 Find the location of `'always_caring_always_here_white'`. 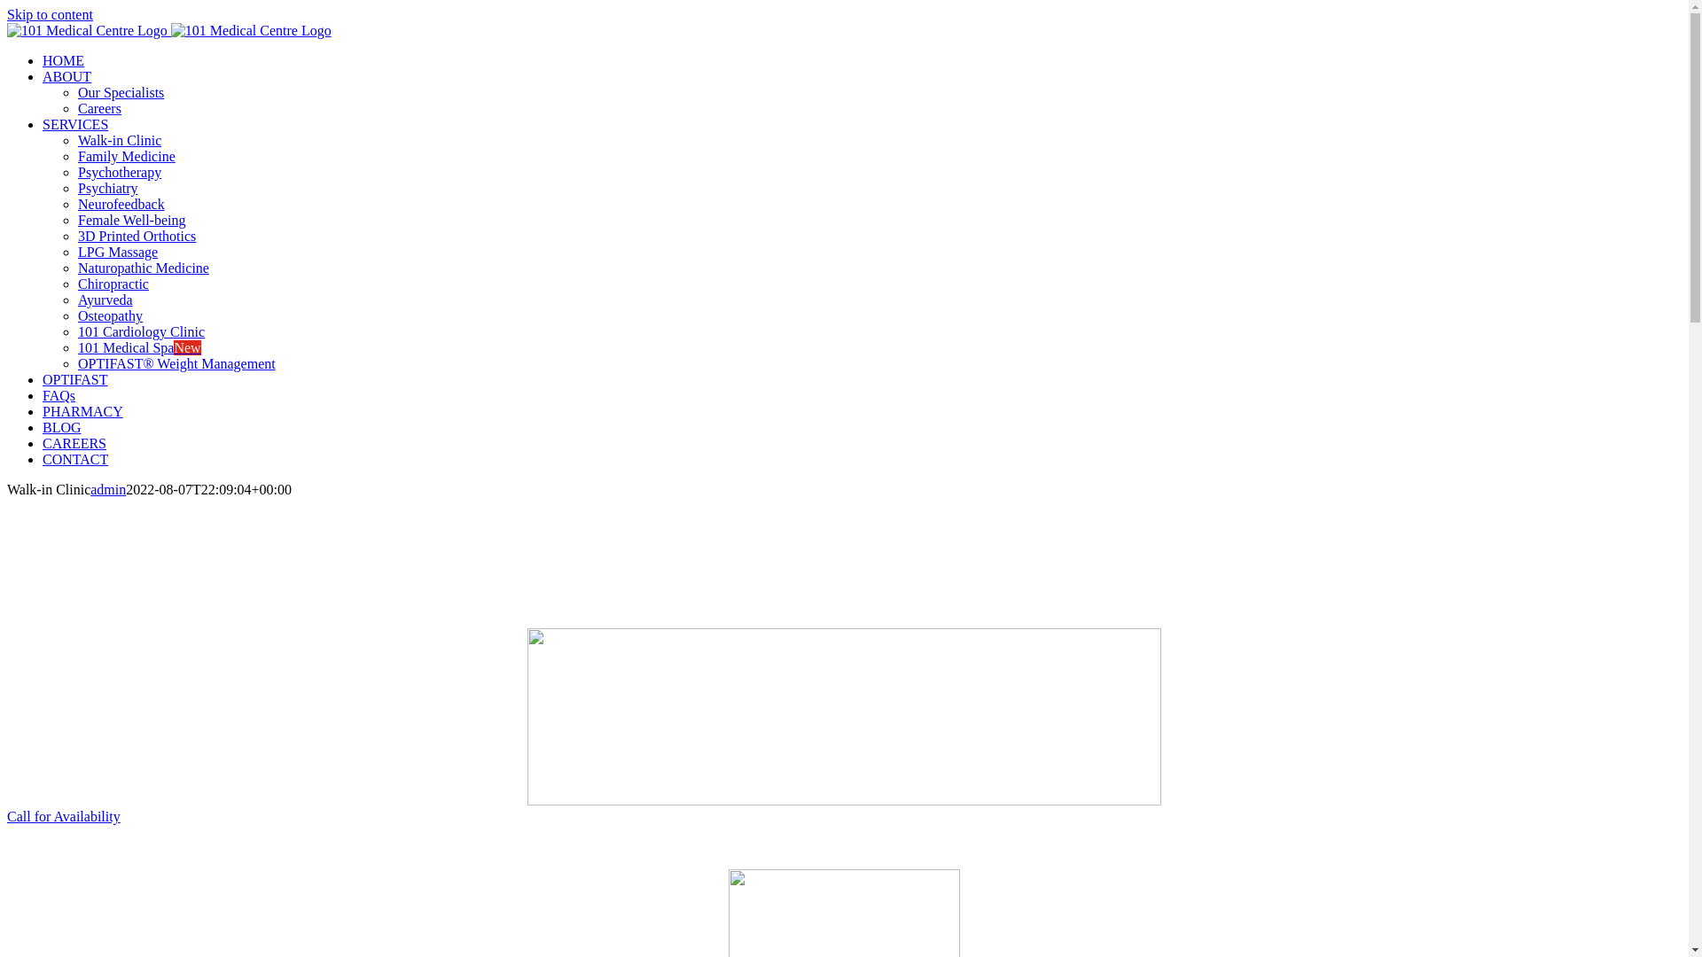

'always_caring_always_here_white' is located at coordinates (527, 716).